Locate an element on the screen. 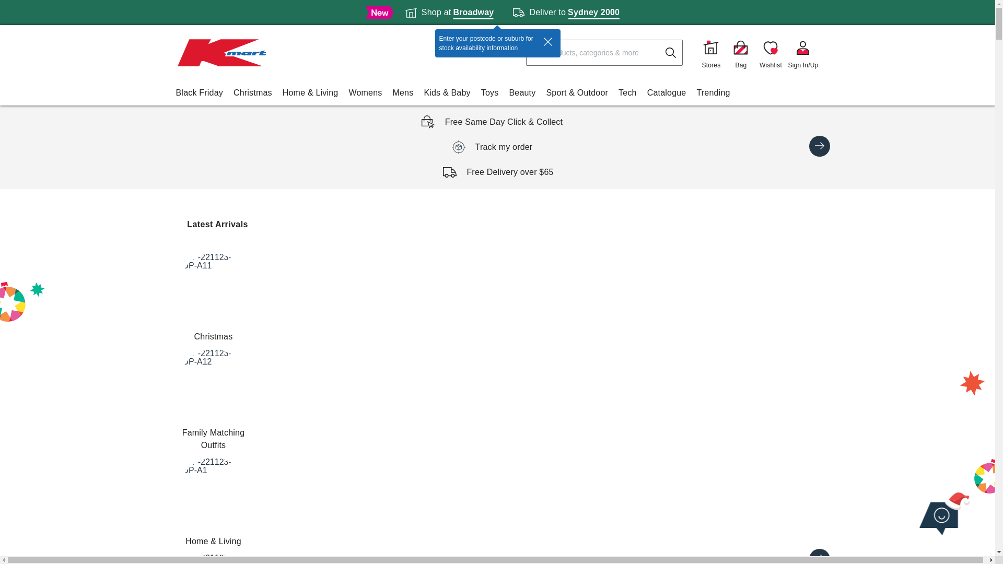 This screenshot has width=1003, height=564. 'Sport & Outdoor' is located at coordinates (576, 92).